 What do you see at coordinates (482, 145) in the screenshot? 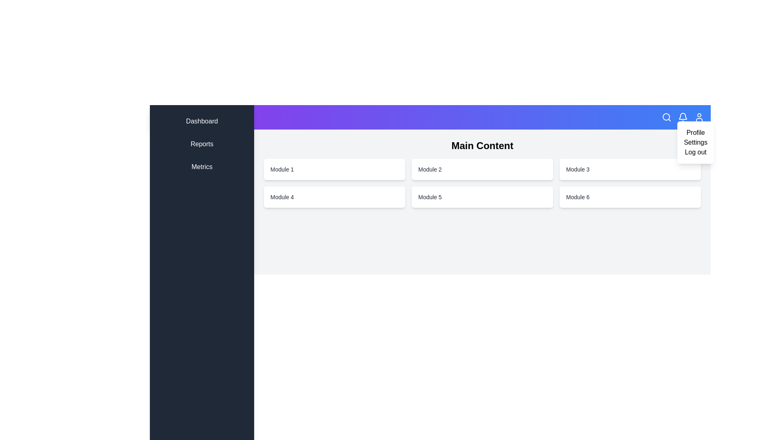
I see `the Header Text which serves as the title for the main content area, located near the top above the grid of module cards` at bounding box center [482, 145].